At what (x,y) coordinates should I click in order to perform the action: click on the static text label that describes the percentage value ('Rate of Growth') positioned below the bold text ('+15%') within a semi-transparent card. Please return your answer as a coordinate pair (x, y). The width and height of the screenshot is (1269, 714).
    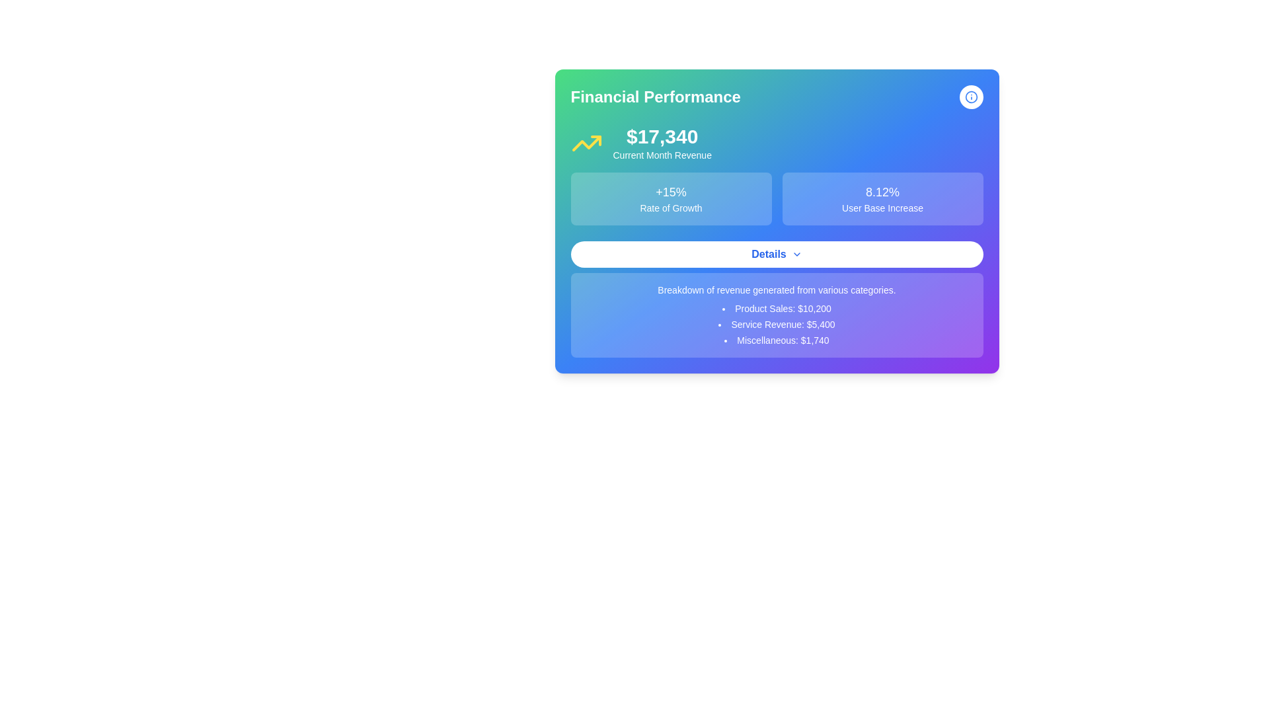
    Looking at the image, I should click on (671, 208).